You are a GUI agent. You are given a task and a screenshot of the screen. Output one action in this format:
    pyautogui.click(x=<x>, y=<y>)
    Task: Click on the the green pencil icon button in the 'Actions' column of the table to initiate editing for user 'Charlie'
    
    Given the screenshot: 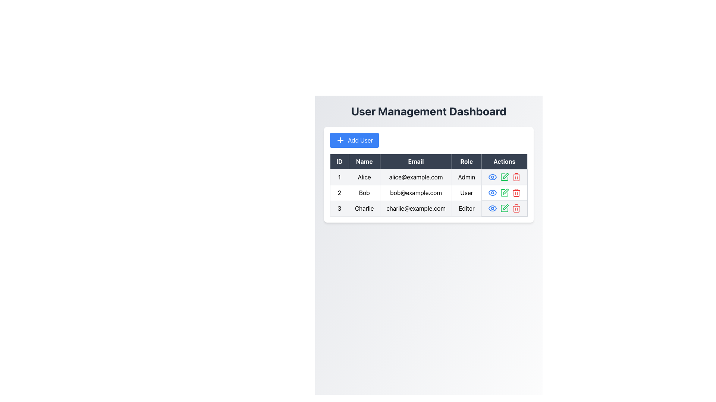 What is the action you would take?
    pyautogui.click(x=504, y=208)
    